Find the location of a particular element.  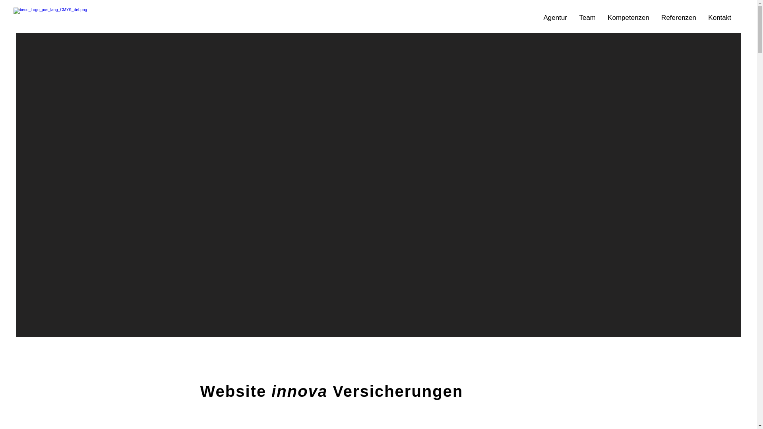

'Kompetenzen' is located at coordinates (628, 18).